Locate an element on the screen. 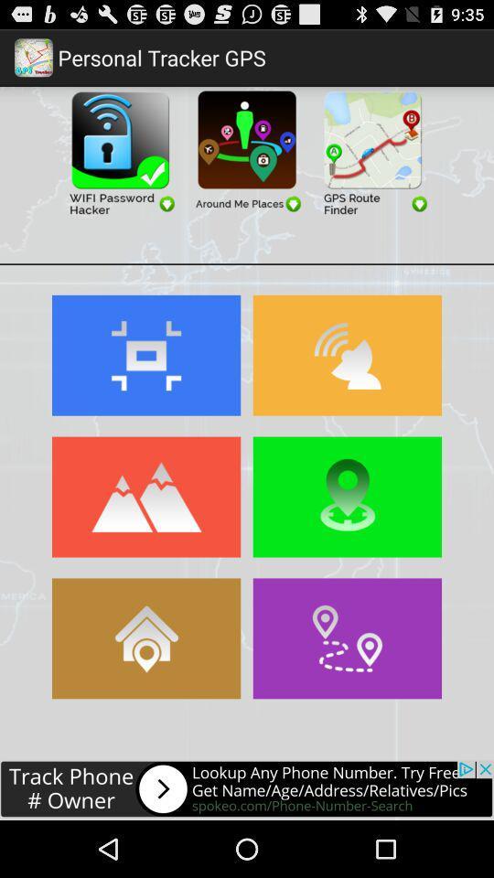 Image resolution: width=494 pixels, height=878 pixels. button image is located at coordinates (145, 497).